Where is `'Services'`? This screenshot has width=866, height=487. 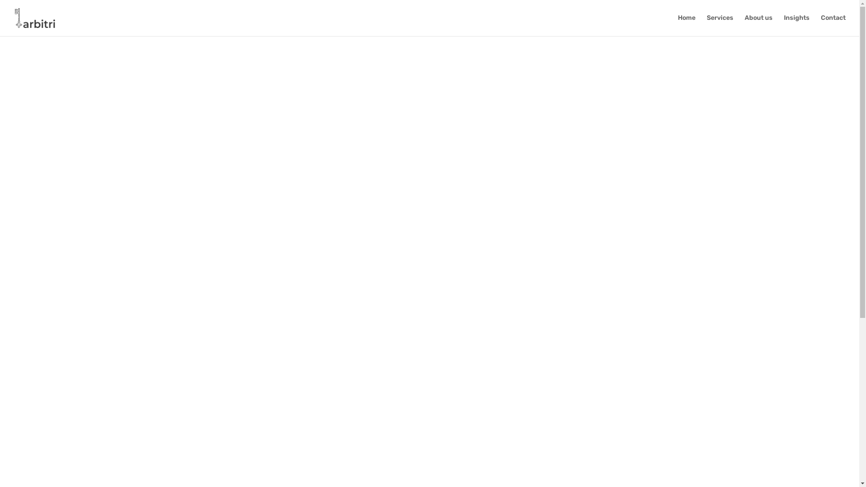 'Services' is located at coordinates (719, 25).